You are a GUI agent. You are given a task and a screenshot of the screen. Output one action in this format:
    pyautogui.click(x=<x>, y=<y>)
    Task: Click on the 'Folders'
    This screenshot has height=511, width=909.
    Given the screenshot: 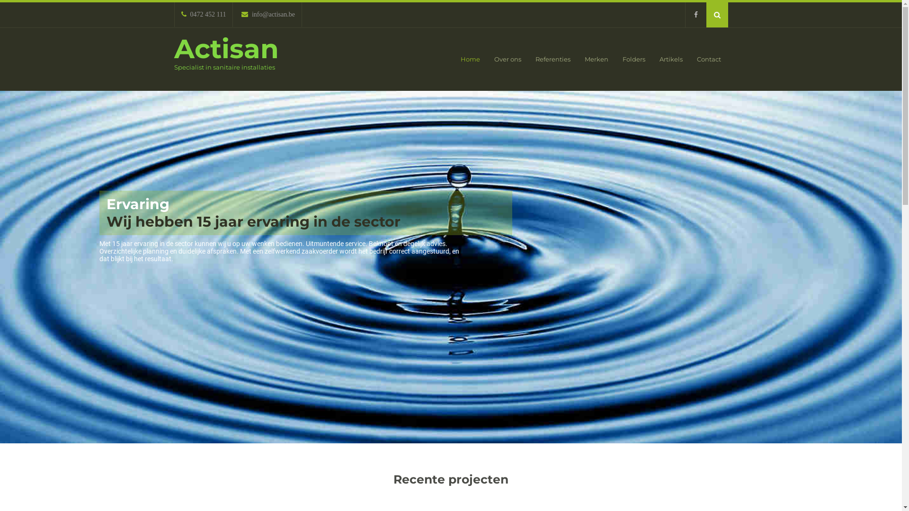 What is the action you would take?
    pyautogui.click(x=634, y=59)
    